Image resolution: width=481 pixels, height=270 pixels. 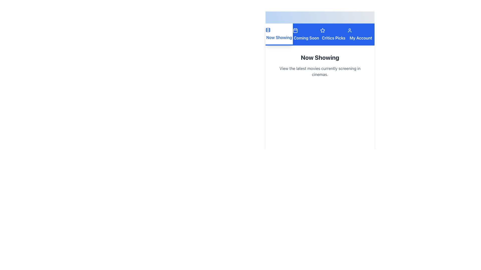 I want to click on the Navigation bar, so click(x=320, y=34).